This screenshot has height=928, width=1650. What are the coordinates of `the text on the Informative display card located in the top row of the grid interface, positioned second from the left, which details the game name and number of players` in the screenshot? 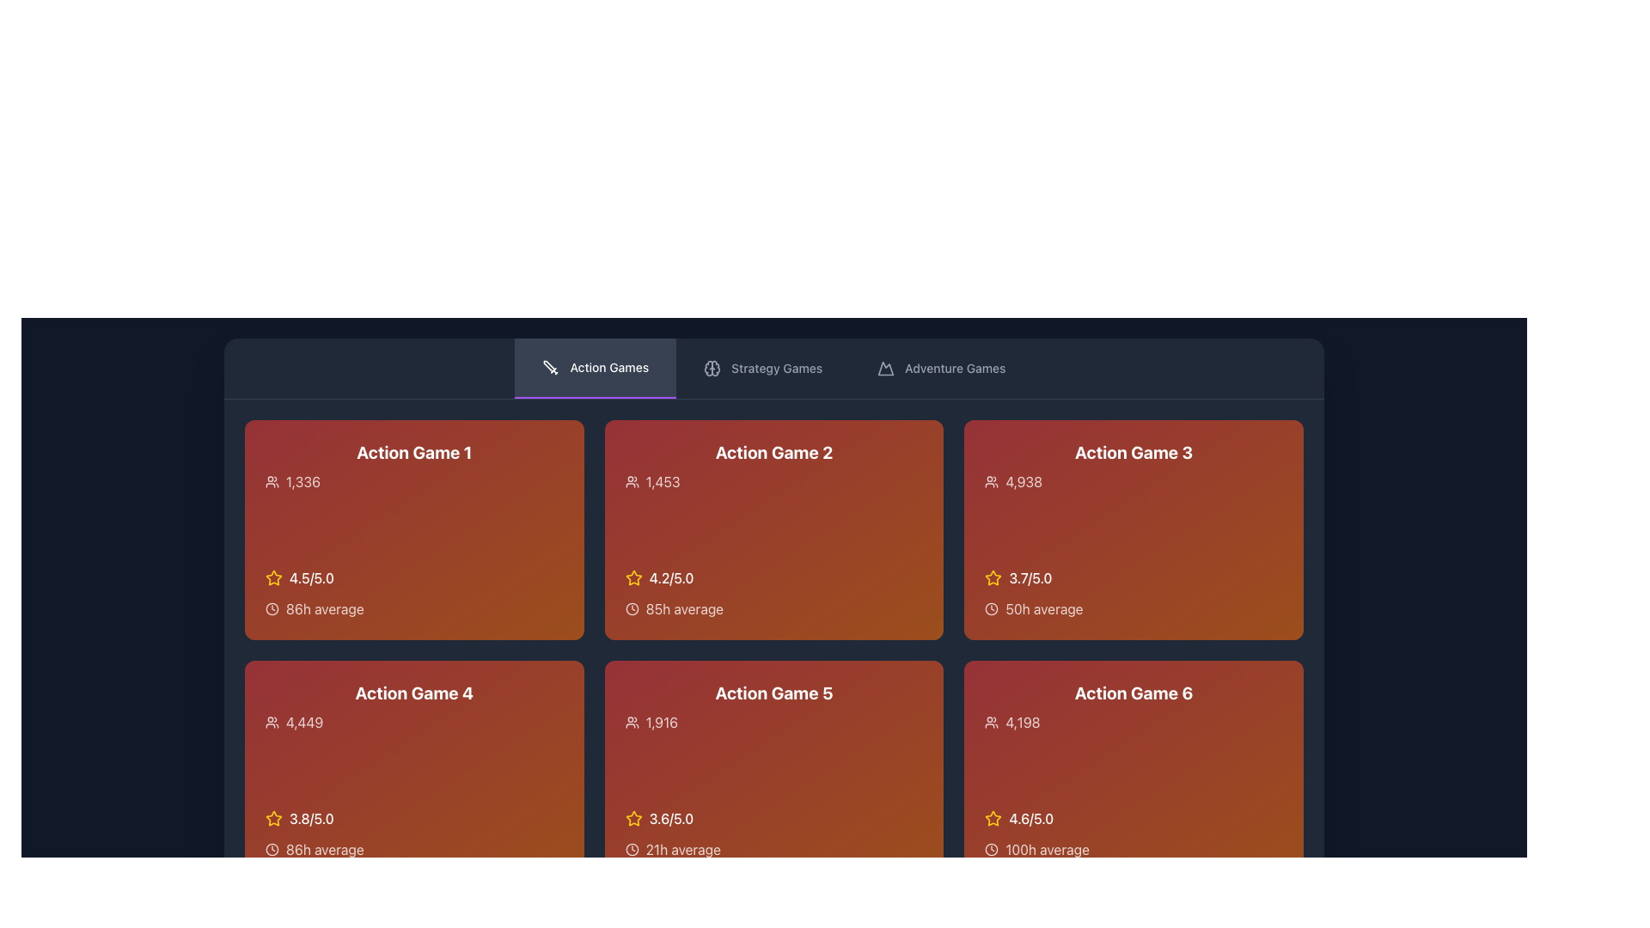 It's located at (773, 467).